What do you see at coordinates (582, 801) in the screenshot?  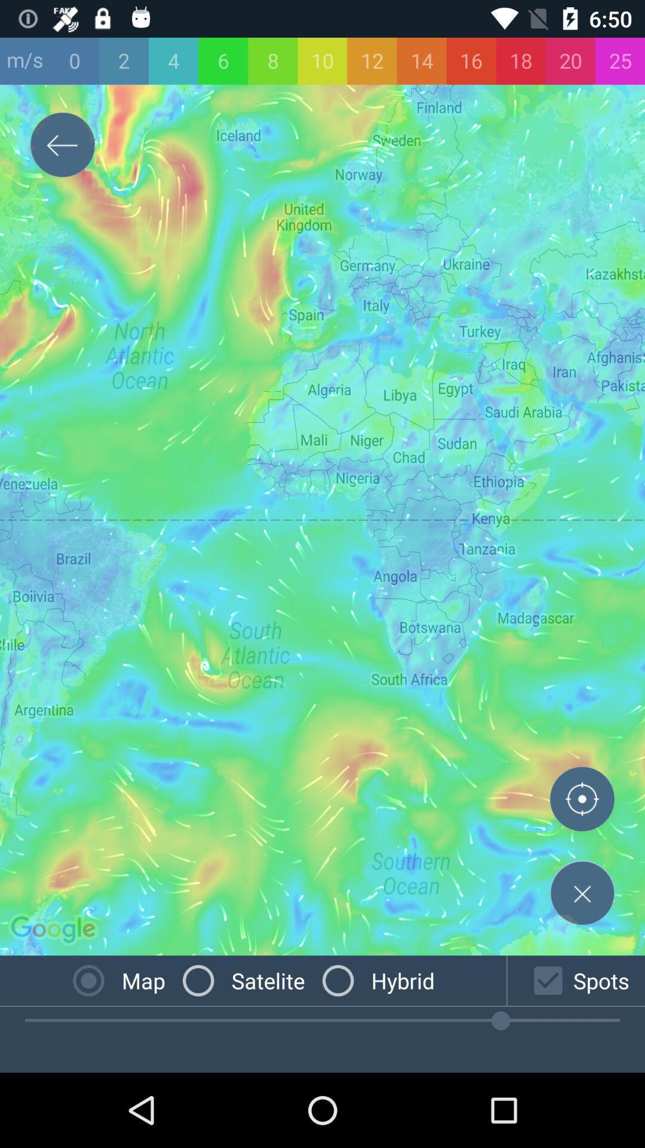 I see `gps location button` at bounding box center [582, 801].